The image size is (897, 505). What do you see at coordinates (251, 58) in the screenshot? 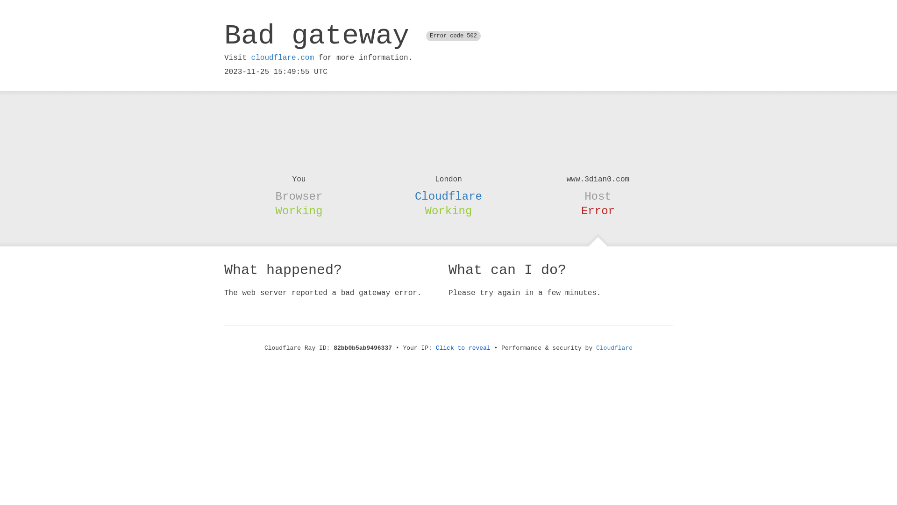
I see `'cloudflare.com'` at bounding box center [251, 58].